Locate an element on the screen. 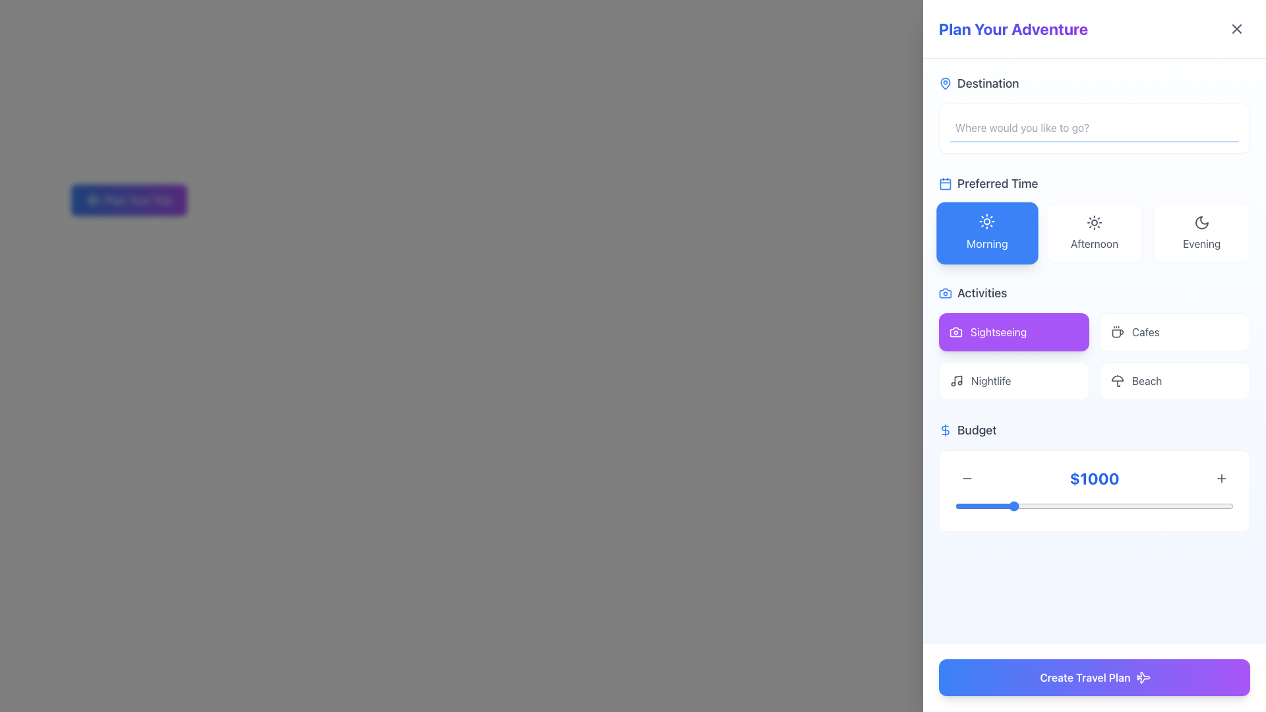  the umbrella SVG icon located within the 'Beach' button in the 'Activities' section is located at coordinates (1116, 381).